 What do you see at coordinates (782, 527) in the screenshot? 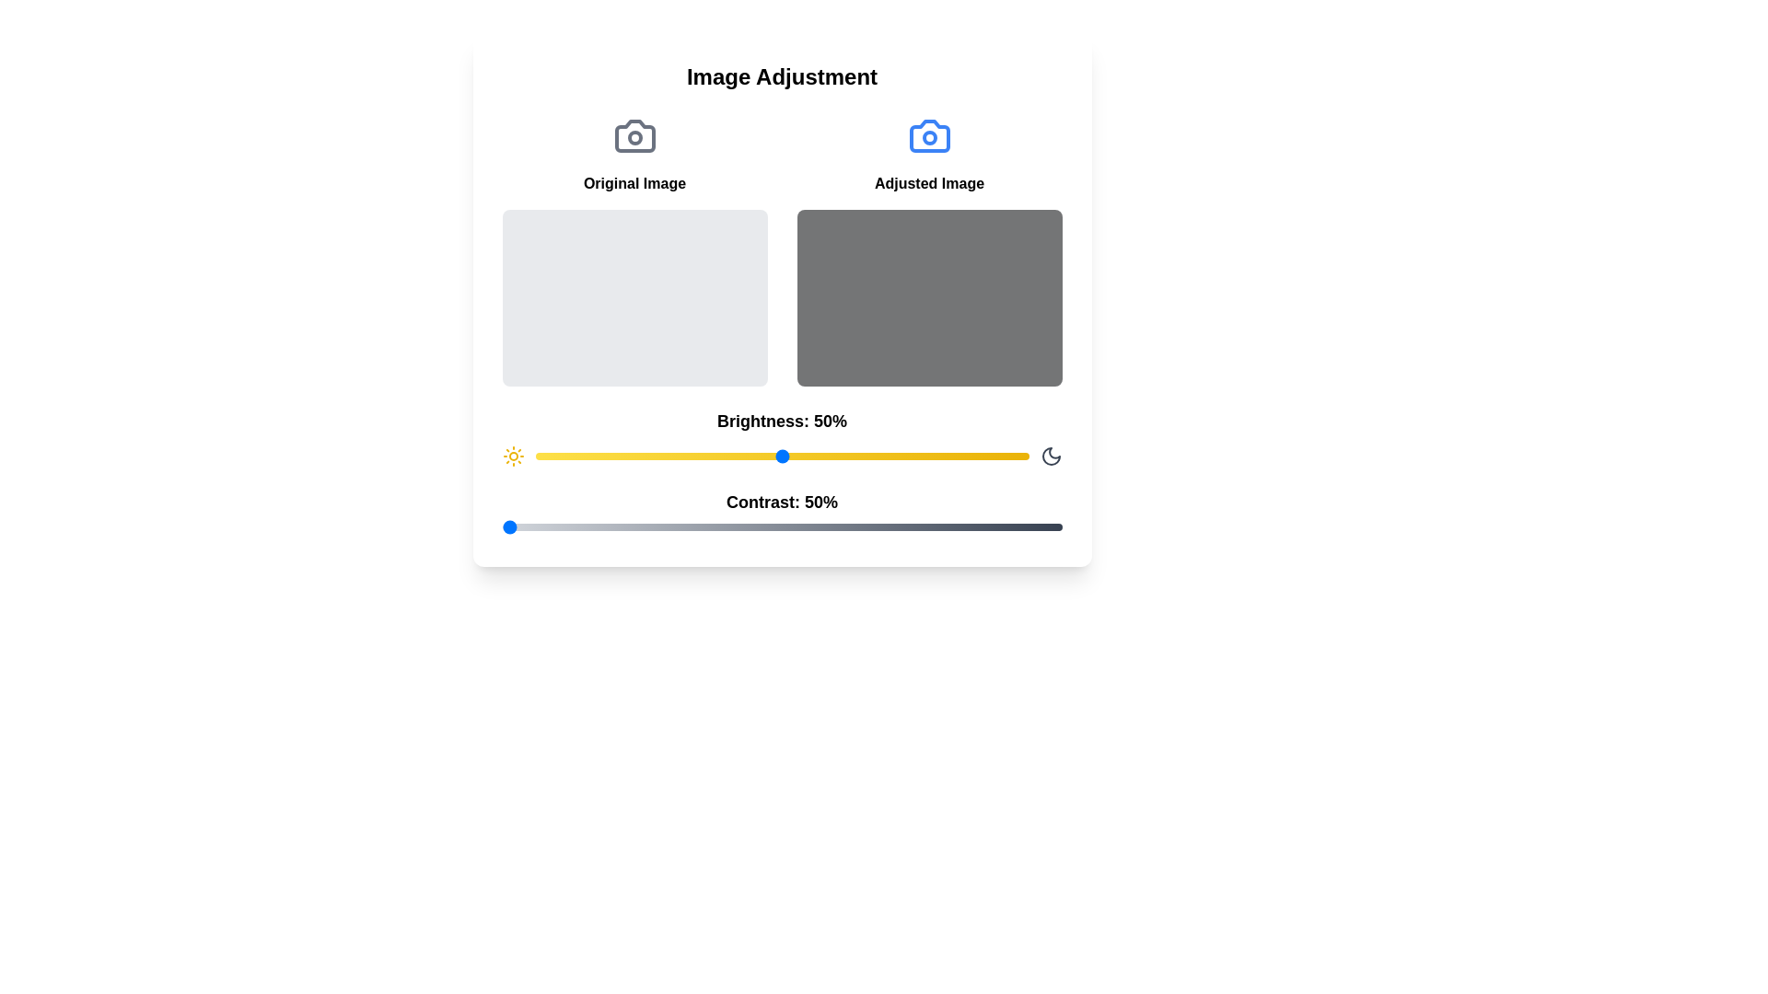
I see `the contrast` at bounding box center [782, 527].